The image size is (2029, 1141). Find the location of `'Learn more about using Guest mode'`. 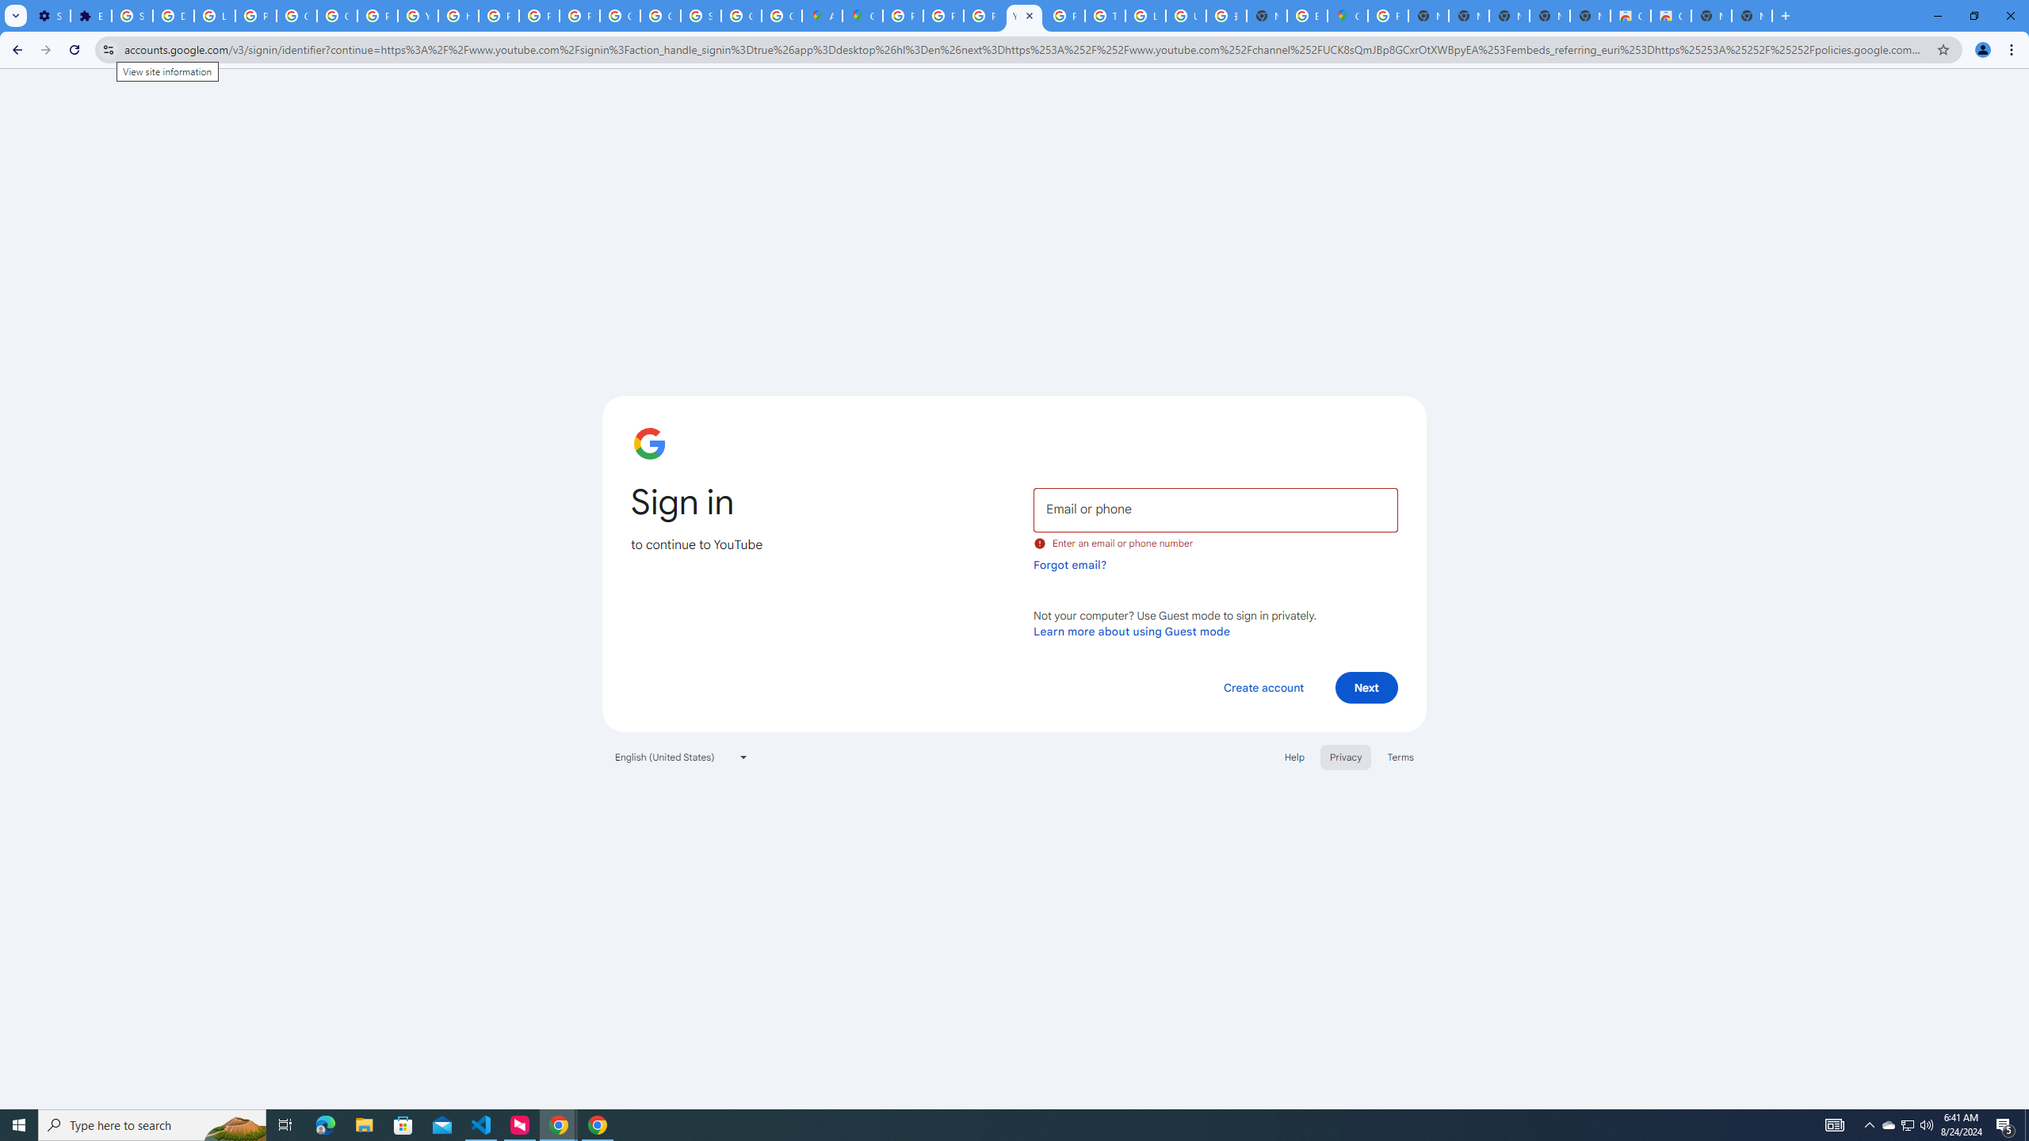

'Learn more about using Guest mode' is located at coordinates (1131, 631).